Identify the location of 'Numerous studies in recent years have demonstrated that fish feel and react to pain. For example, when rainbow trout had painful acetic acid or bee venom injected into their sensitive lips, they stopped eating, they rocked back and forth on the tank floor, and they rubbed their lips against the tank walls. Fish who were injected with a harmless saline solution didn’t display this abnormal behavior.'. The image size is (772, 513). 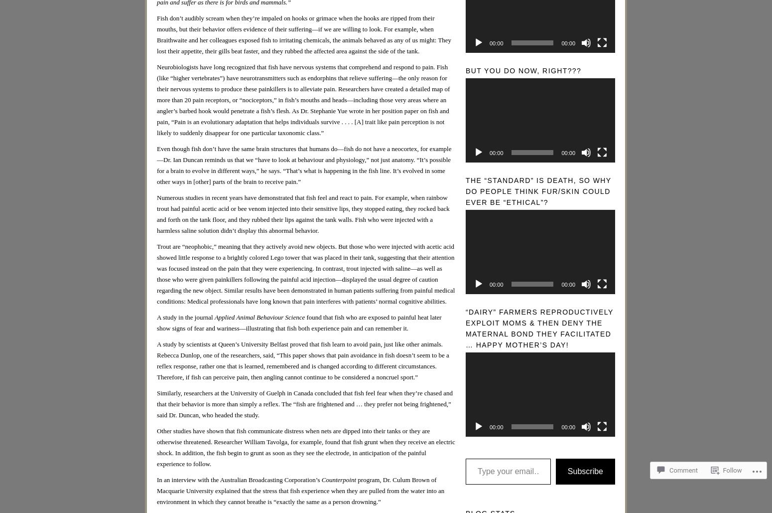
(303, 213).